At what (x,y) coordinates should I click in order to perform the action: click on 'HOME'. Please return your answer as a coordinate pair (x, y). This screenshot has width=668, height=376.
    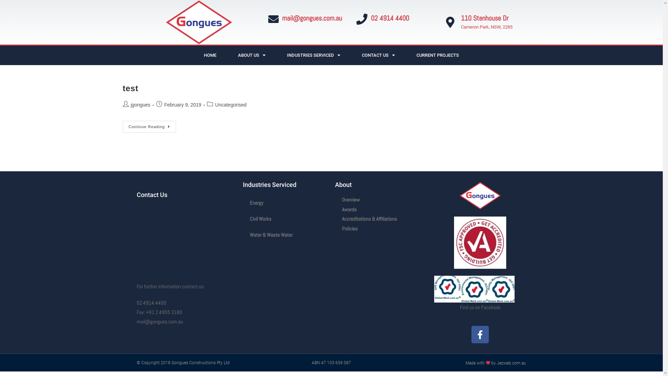
    Looking at the image, I should click on (210, 55).